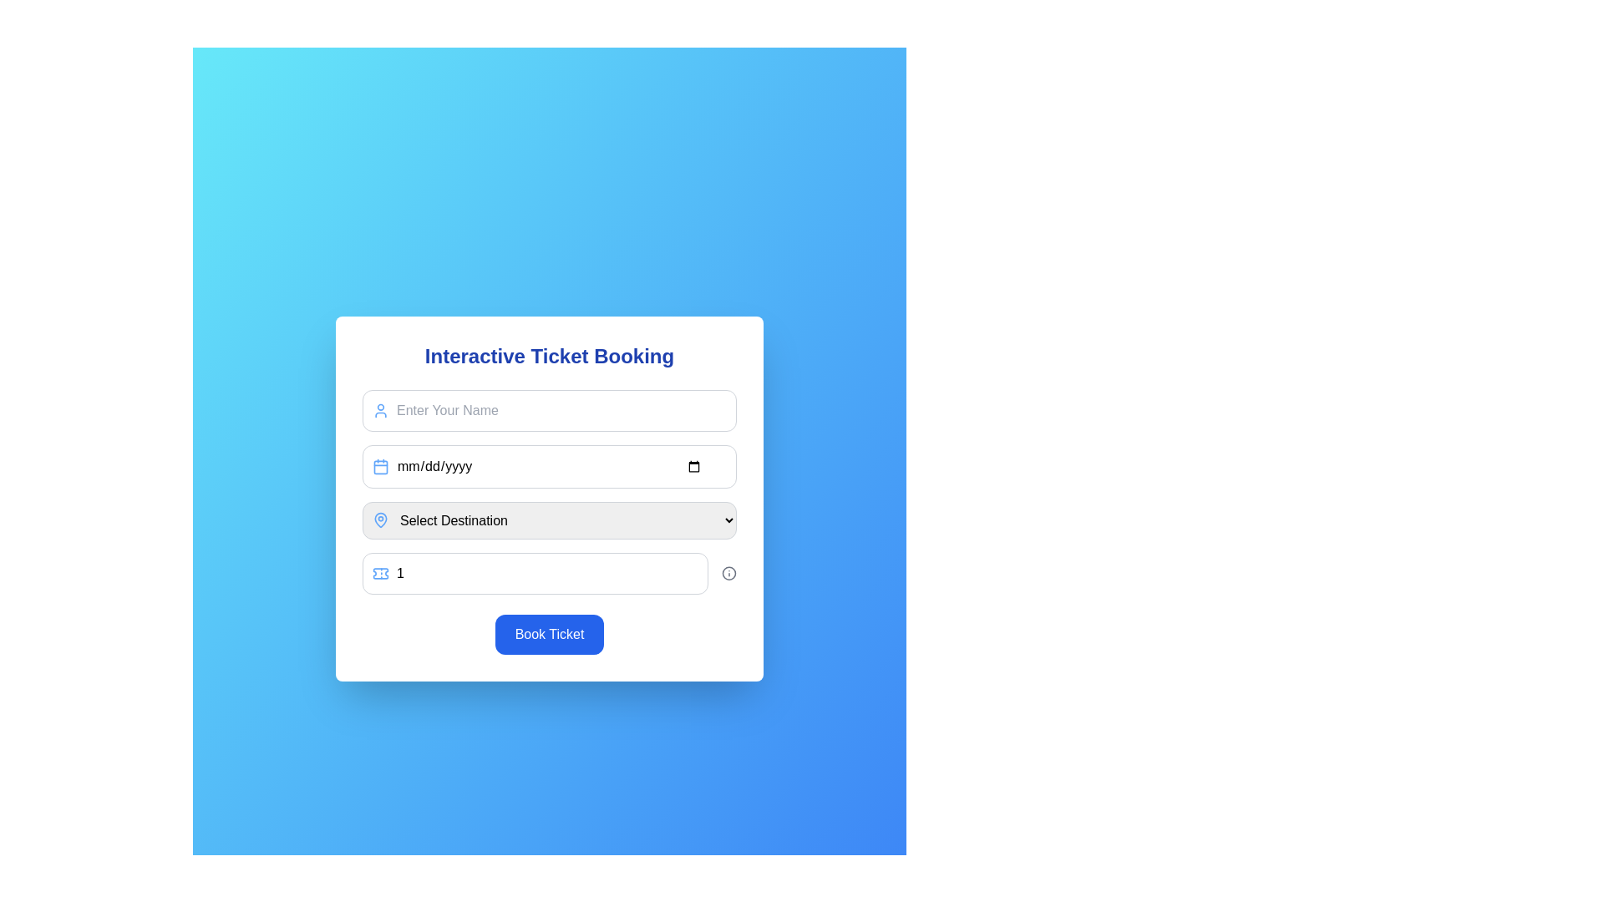 The width and height of the screenshot is (1604, 902). I want to click on the decorative icon positioned to the left of the ticket quantity input field, aligned vertically to its middle, so click(380, 572).